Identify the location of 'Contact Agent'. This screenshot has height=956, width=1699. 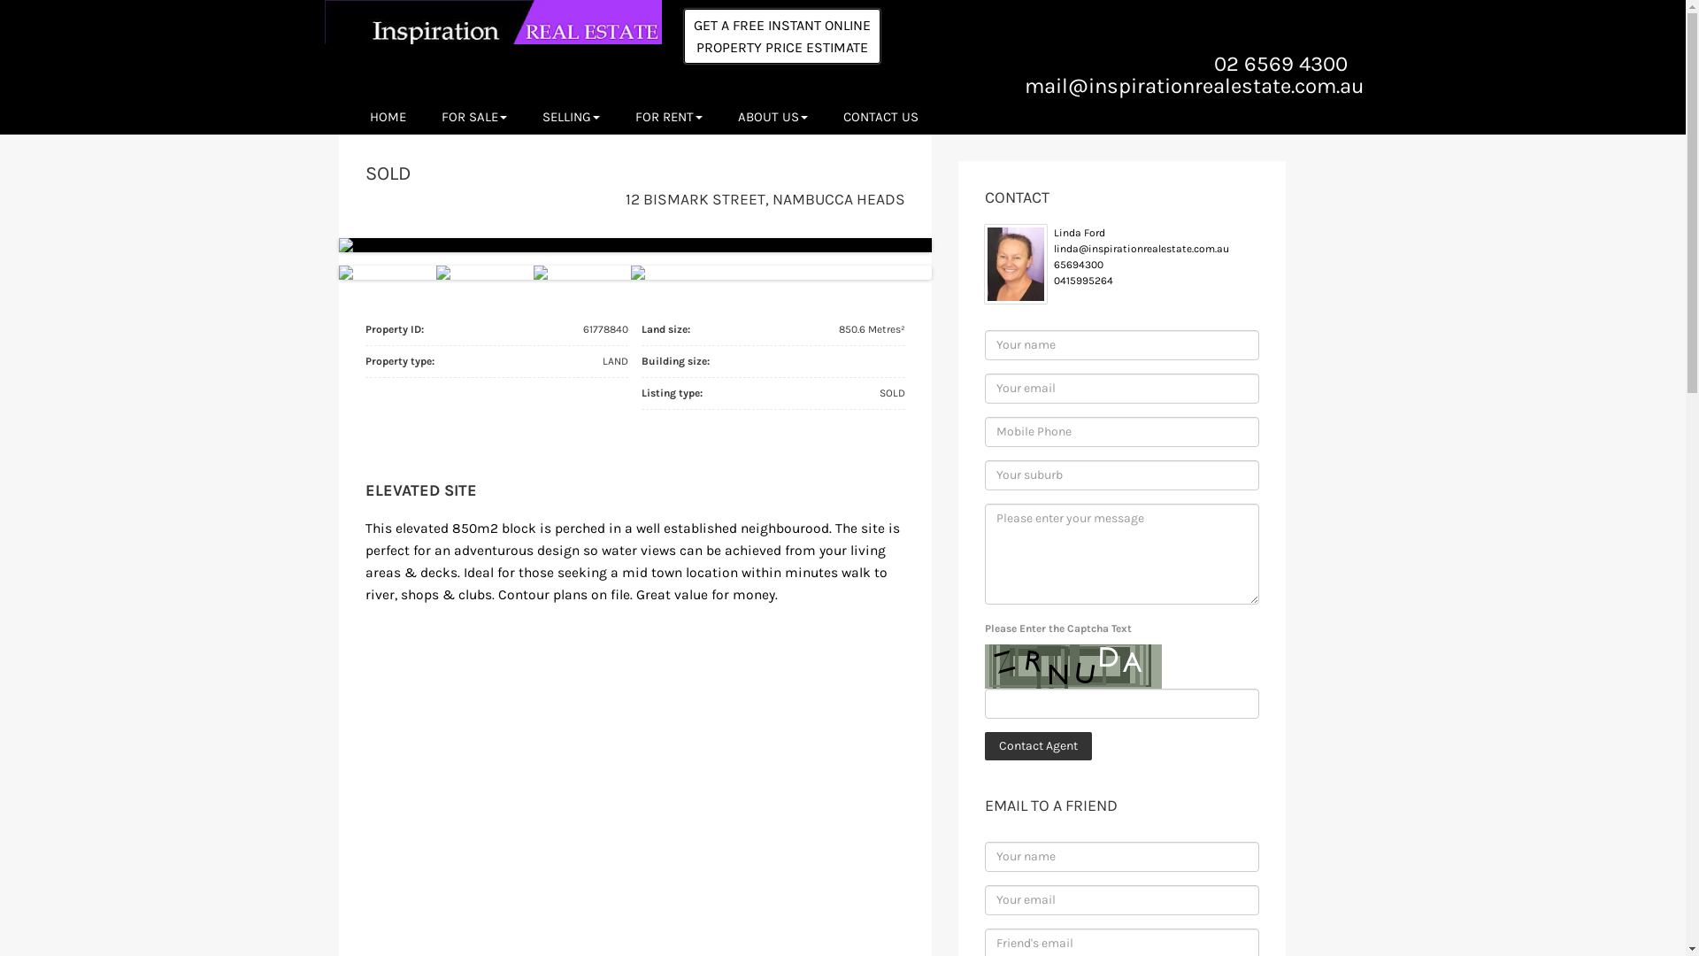
(1037, 746).